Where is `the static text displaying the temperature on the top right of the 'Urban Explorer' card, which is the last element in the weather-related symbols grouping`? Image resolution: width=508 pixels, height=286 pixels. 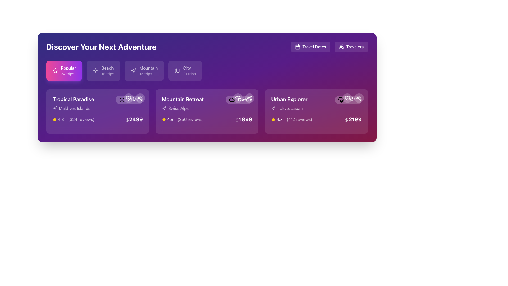
the static text displaying the temperature on the top right of the 'Urban Explorer' card, which is the last element in the weather-related symbols grouping is located at coordinates (352, 100).